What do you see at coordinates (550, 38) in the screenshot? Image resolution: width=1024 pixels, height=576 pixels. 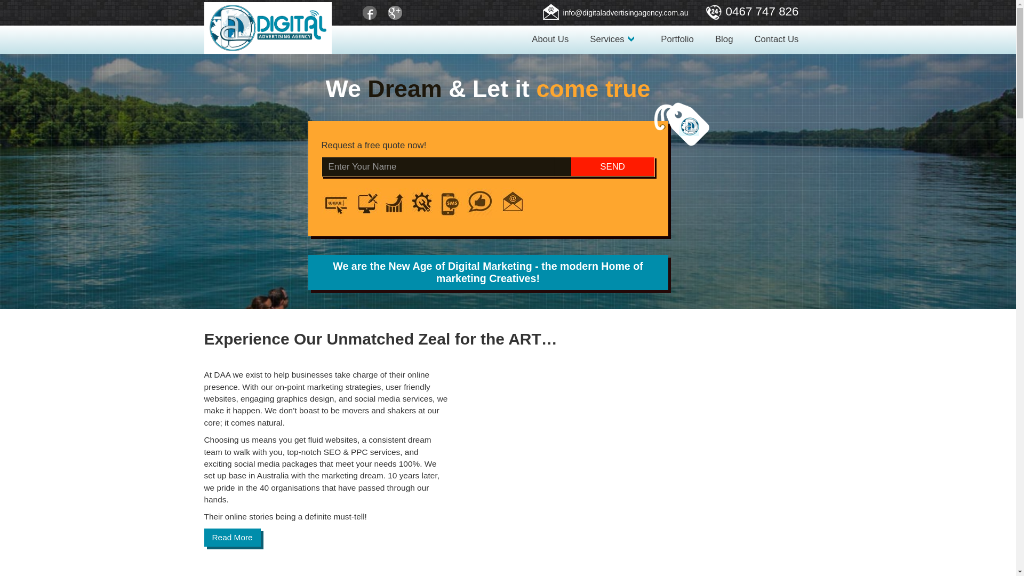 I see `'About Us'` at bounding box center [550, 38].